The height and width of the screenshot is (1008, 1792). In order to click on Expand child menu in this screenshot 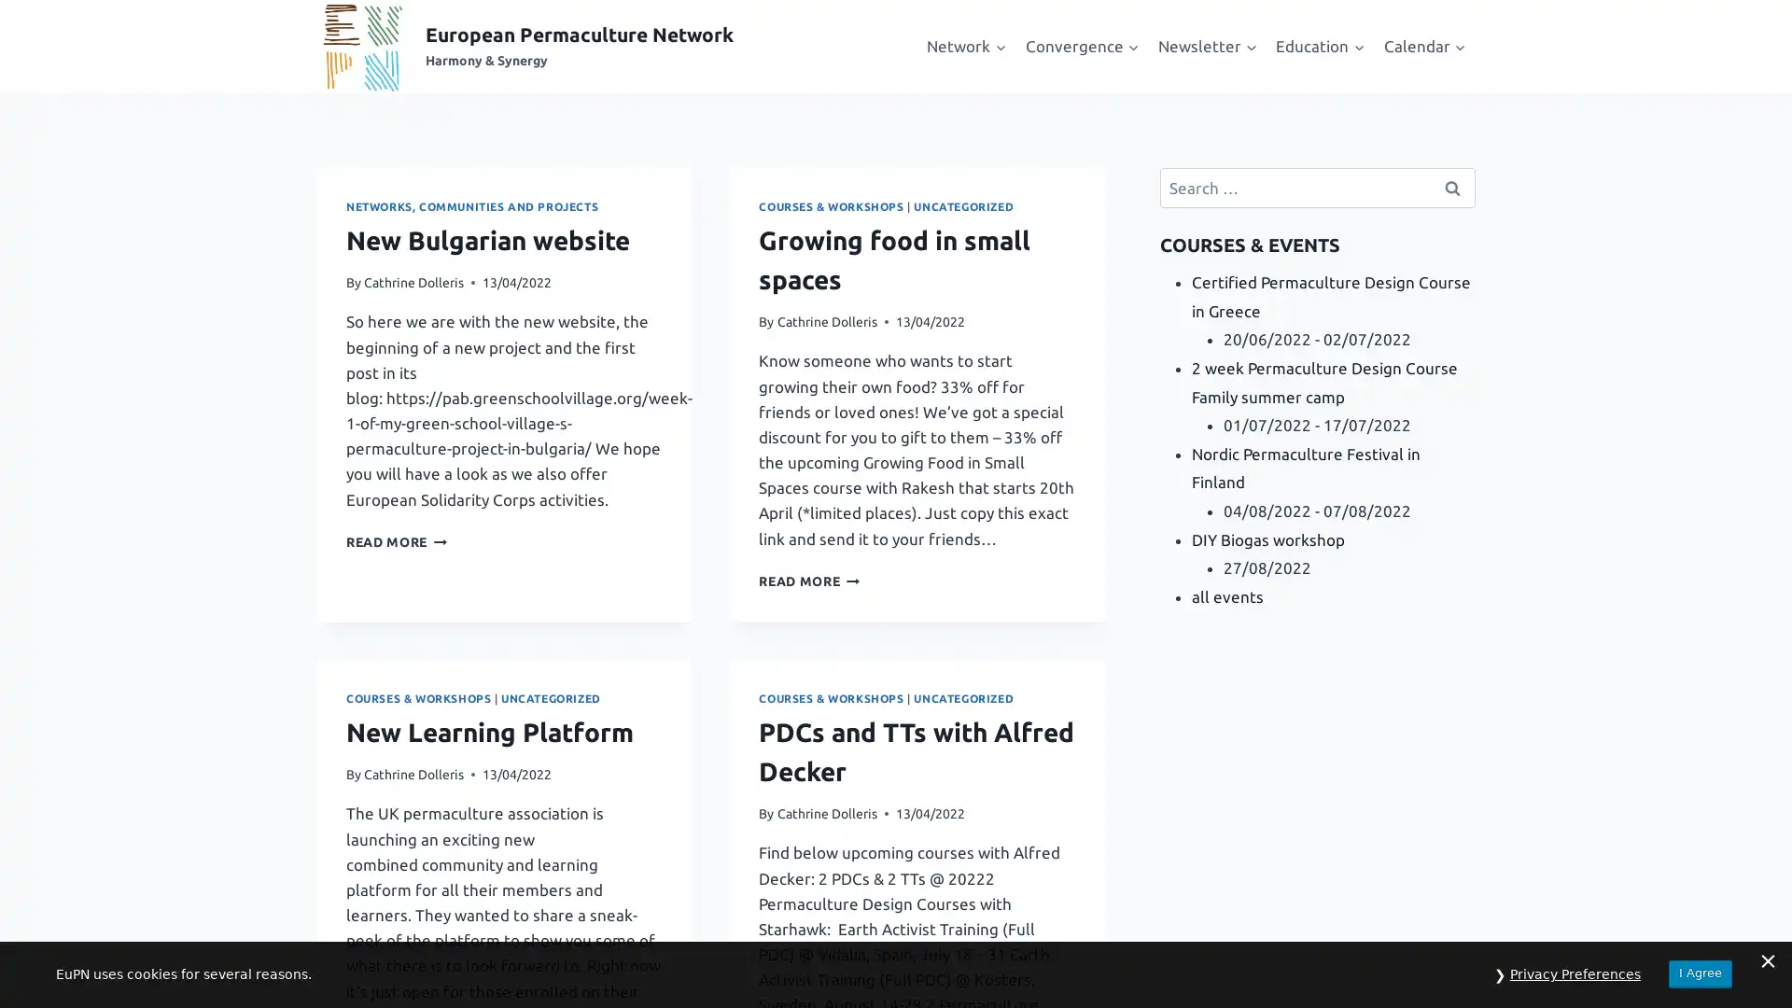, I will do `click(1081, 45)`.